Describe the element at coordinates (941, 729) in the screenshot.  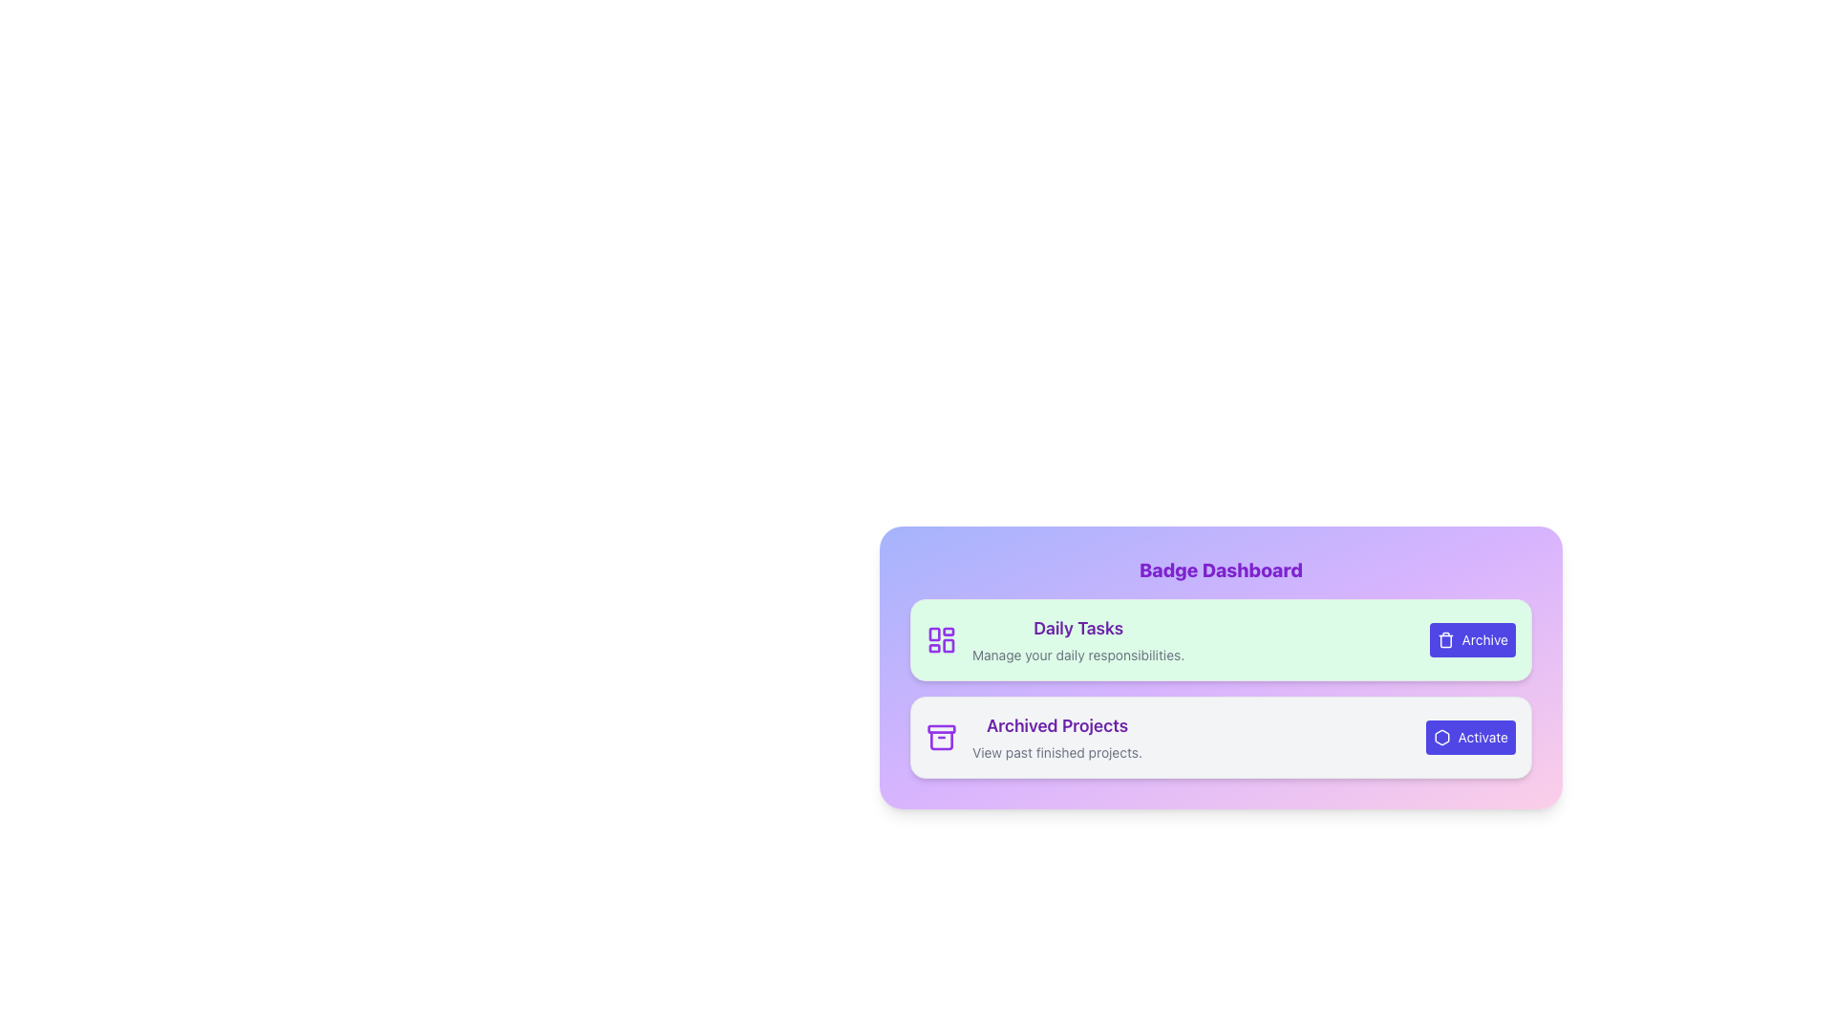
I see `the rectangular lid of the archive icon, which is outlined with rounded corners and located at the top of the archive icon in the 'Archived Projects' section` at that location.